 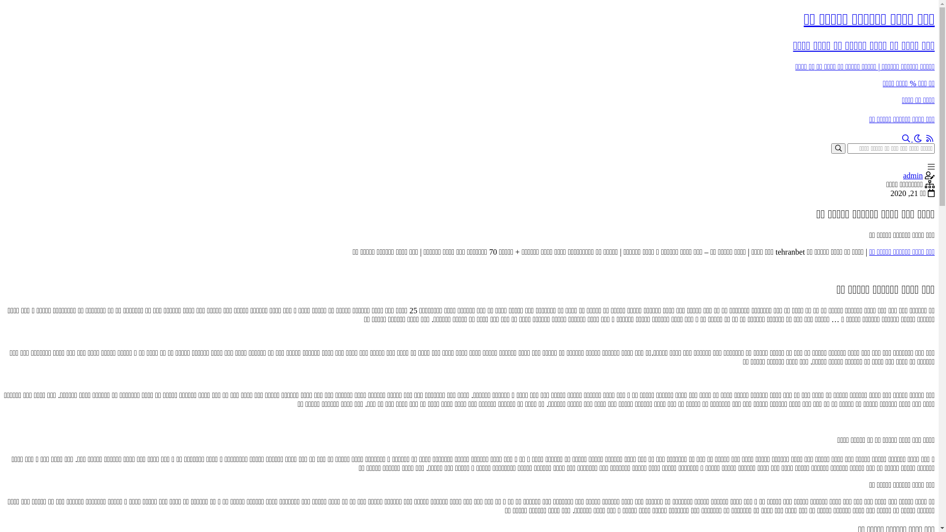 I want to click on 'admin', so click(x=912, y=175).